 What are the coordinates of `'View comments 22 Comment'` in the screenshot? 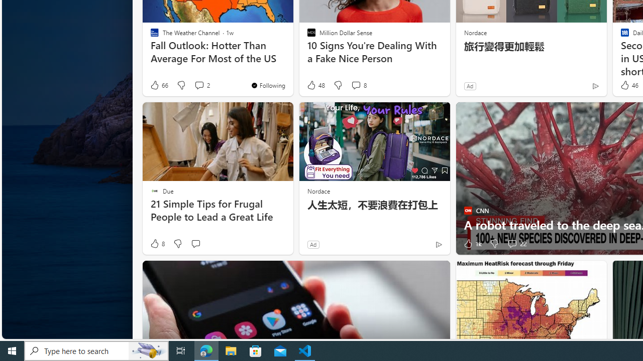 It's located at (512, 244).